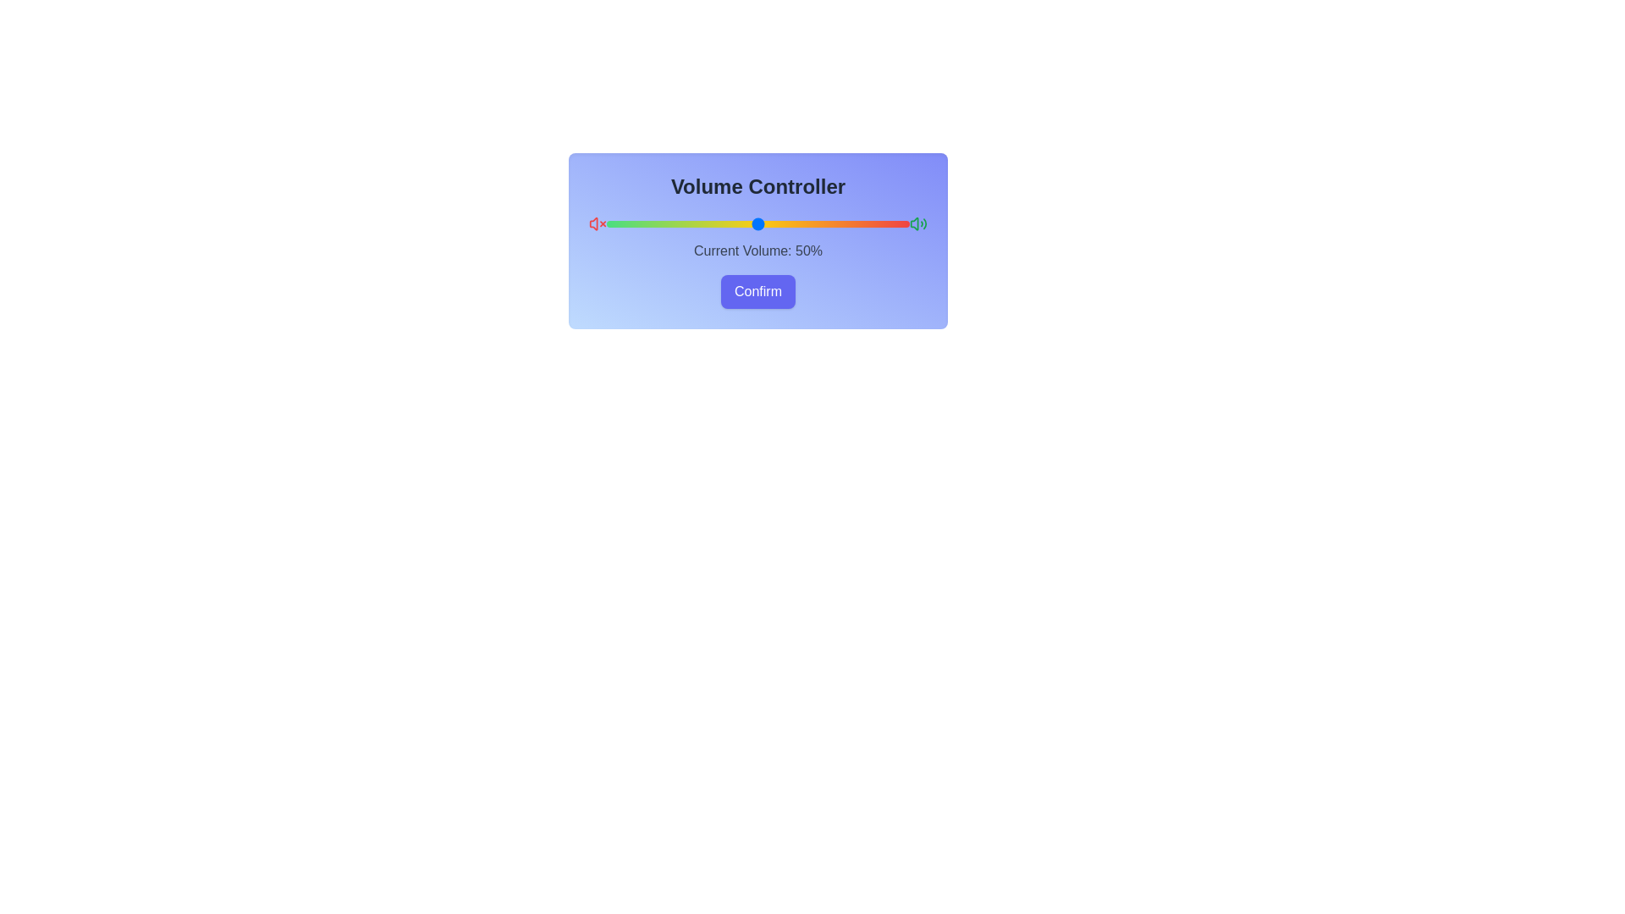 This screenshot has width=1625, height=914. I want to click on the volume slider to set the volume to 97%, so click(899, 223).